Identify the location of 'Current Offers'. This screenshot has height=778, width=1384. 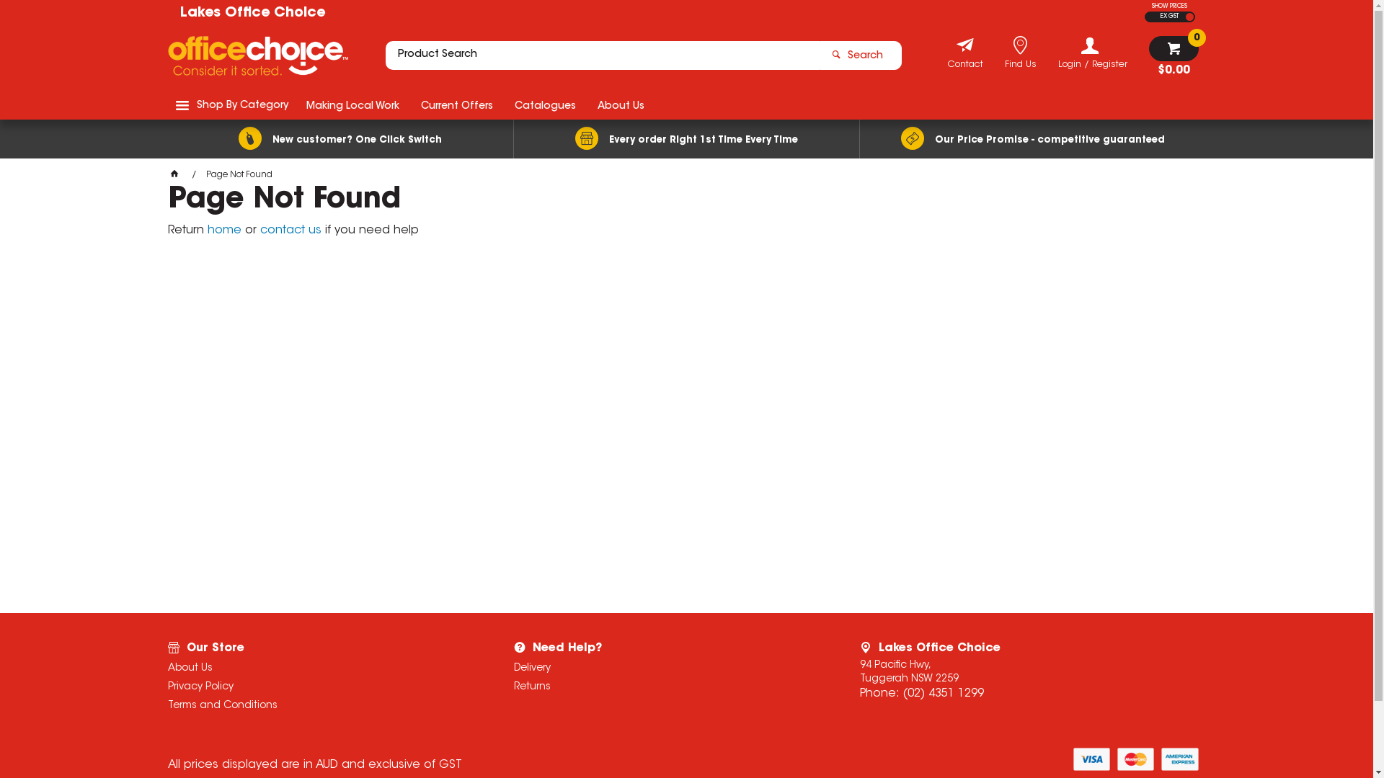
(456, 104).